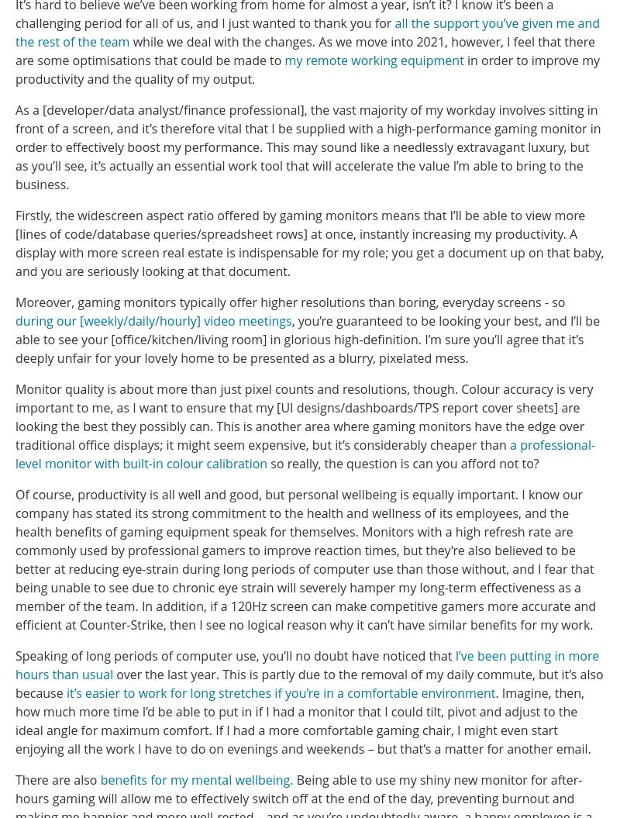 The width and height of the screenshot is (620, 818). Describe the element at coordinates (307, 337) in the screenshot. I see `', you’re guaranteed to be looking your best, and I’ll be able to see your [office/kitchen/living room] in glorious high-definition. I’m sure you’ll agree that it’s deeply unfair for your lovely home to be presented as a blurry, pixelated mess.'` at that location.